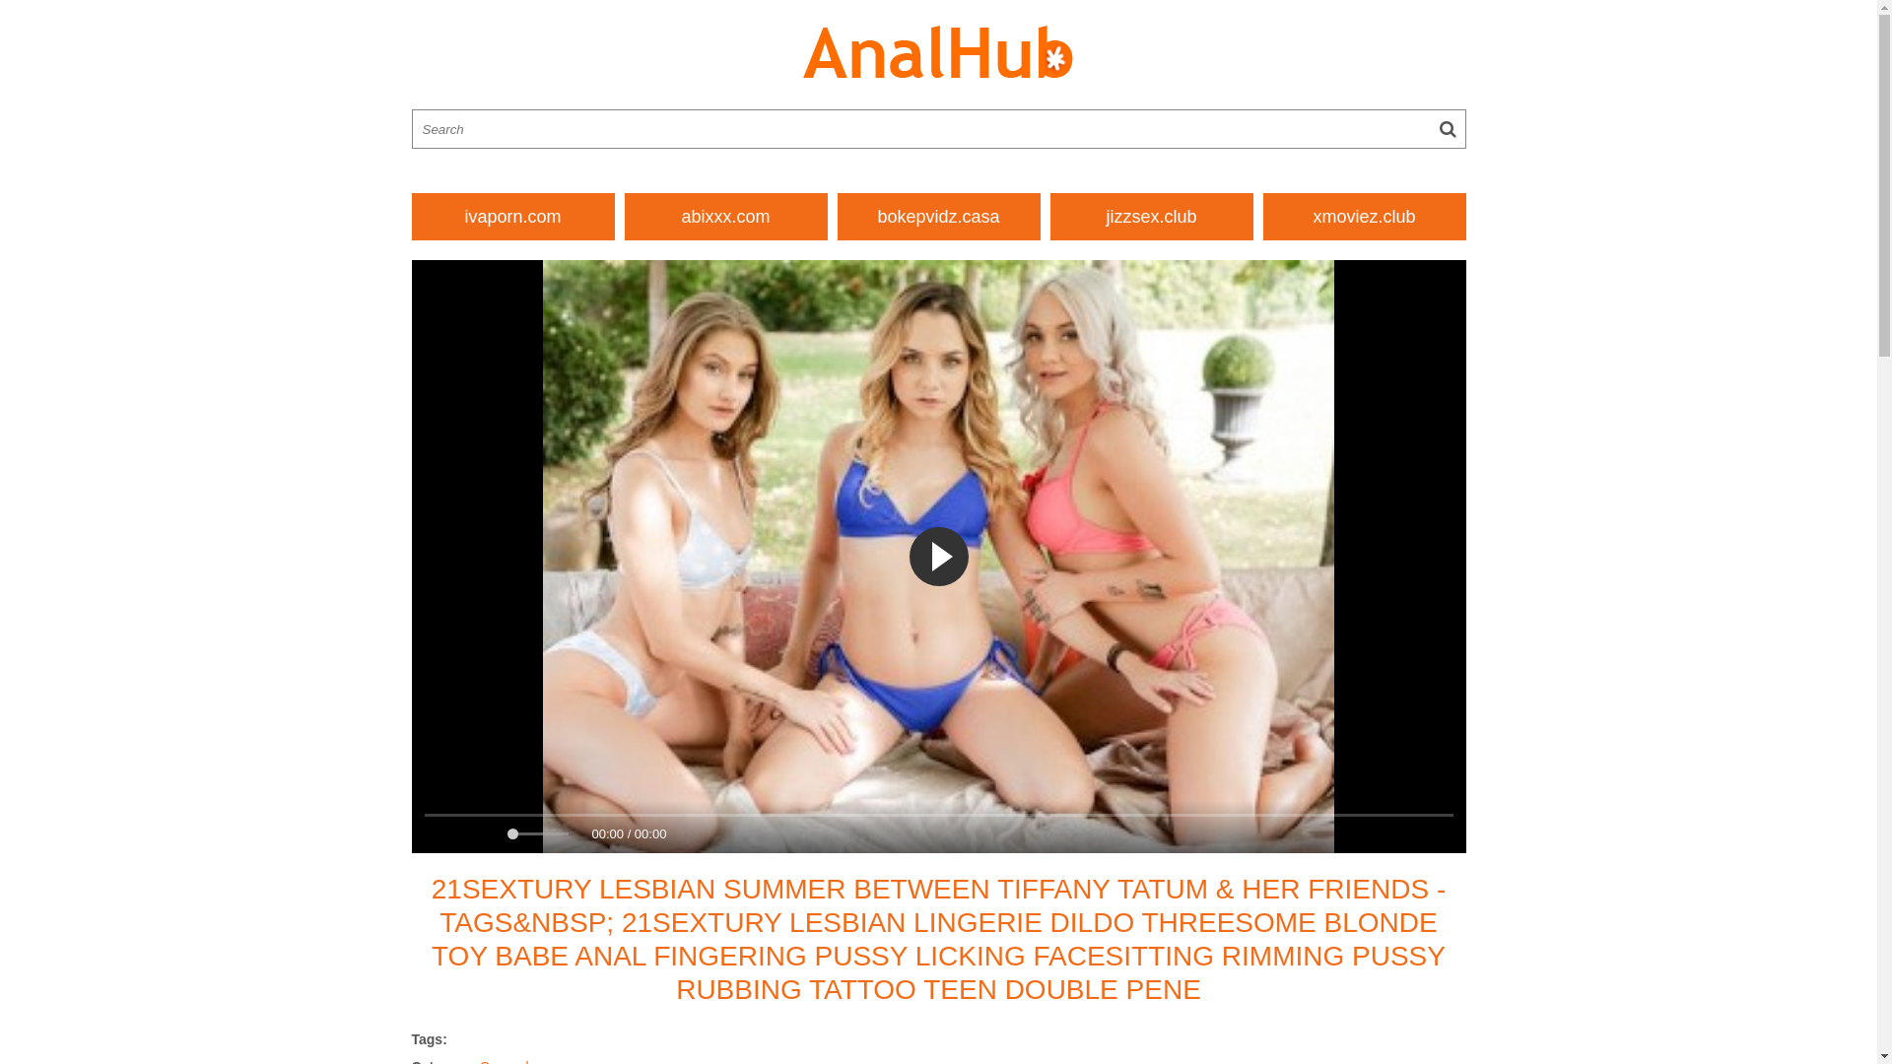  What do you see at coordinates (938, 216) in the screenshot?
I see `'bokepvidz.casa'` at bounding box center [938, 216].